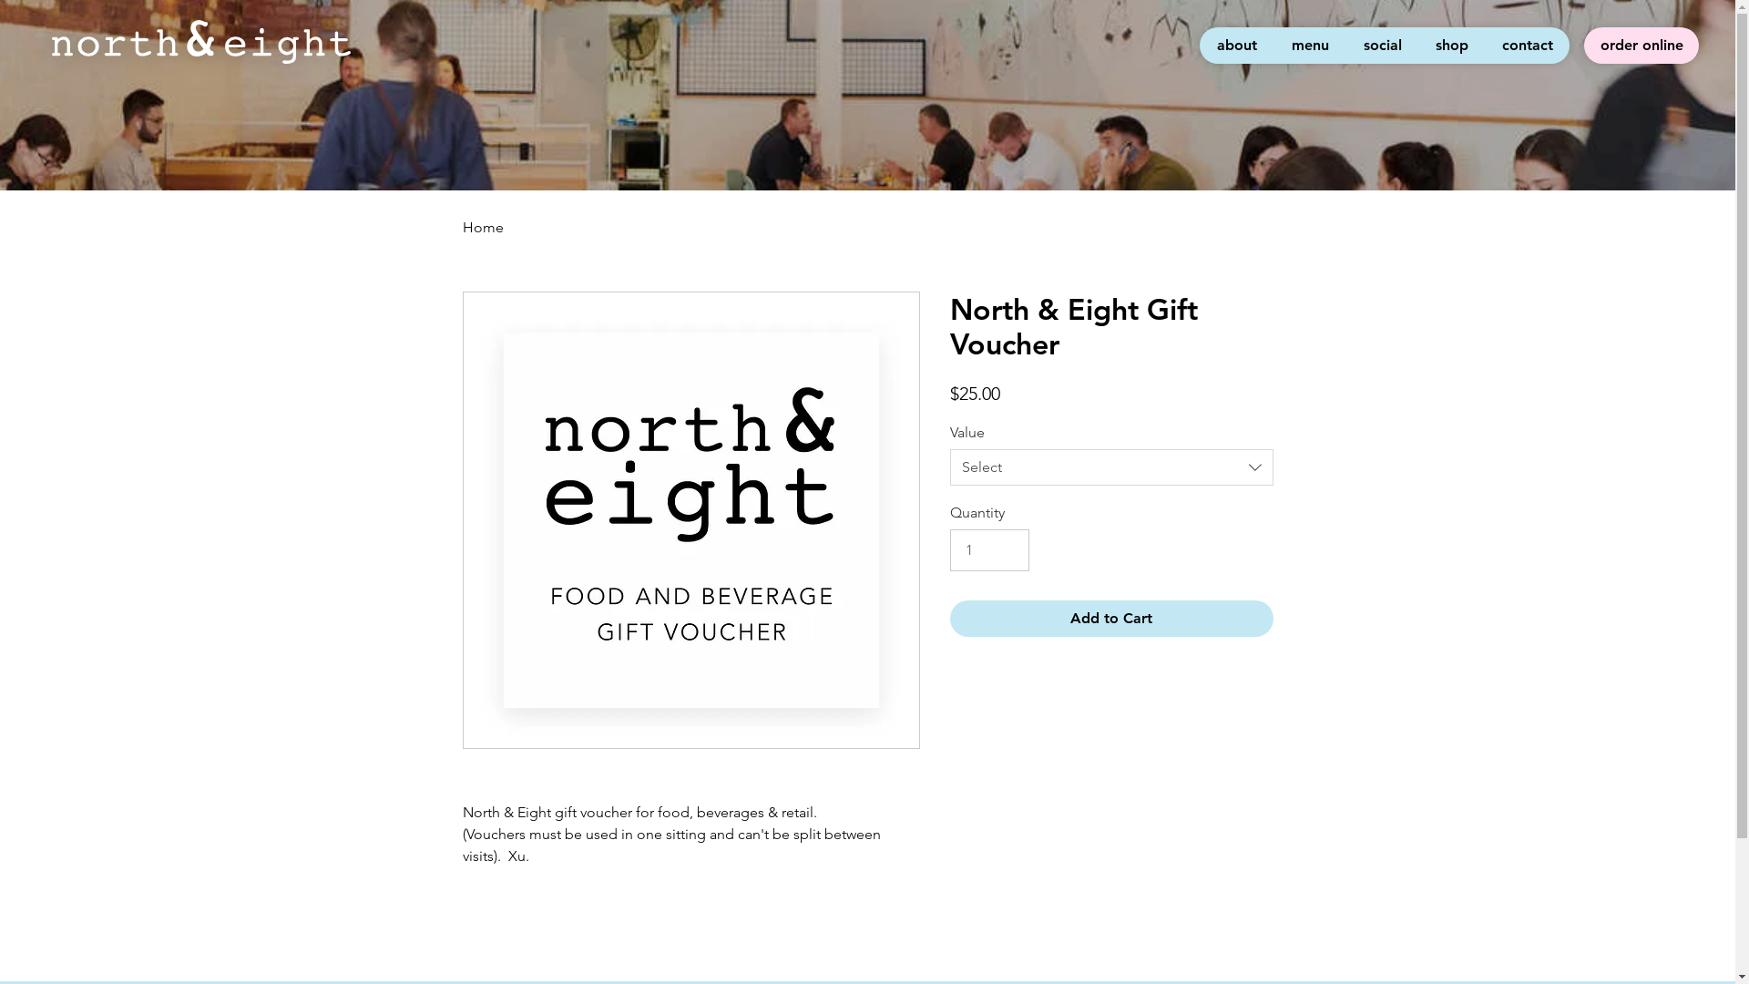 This screenshot has height=984, width=1749. I want to click on 'menu', so click(1308, 45).